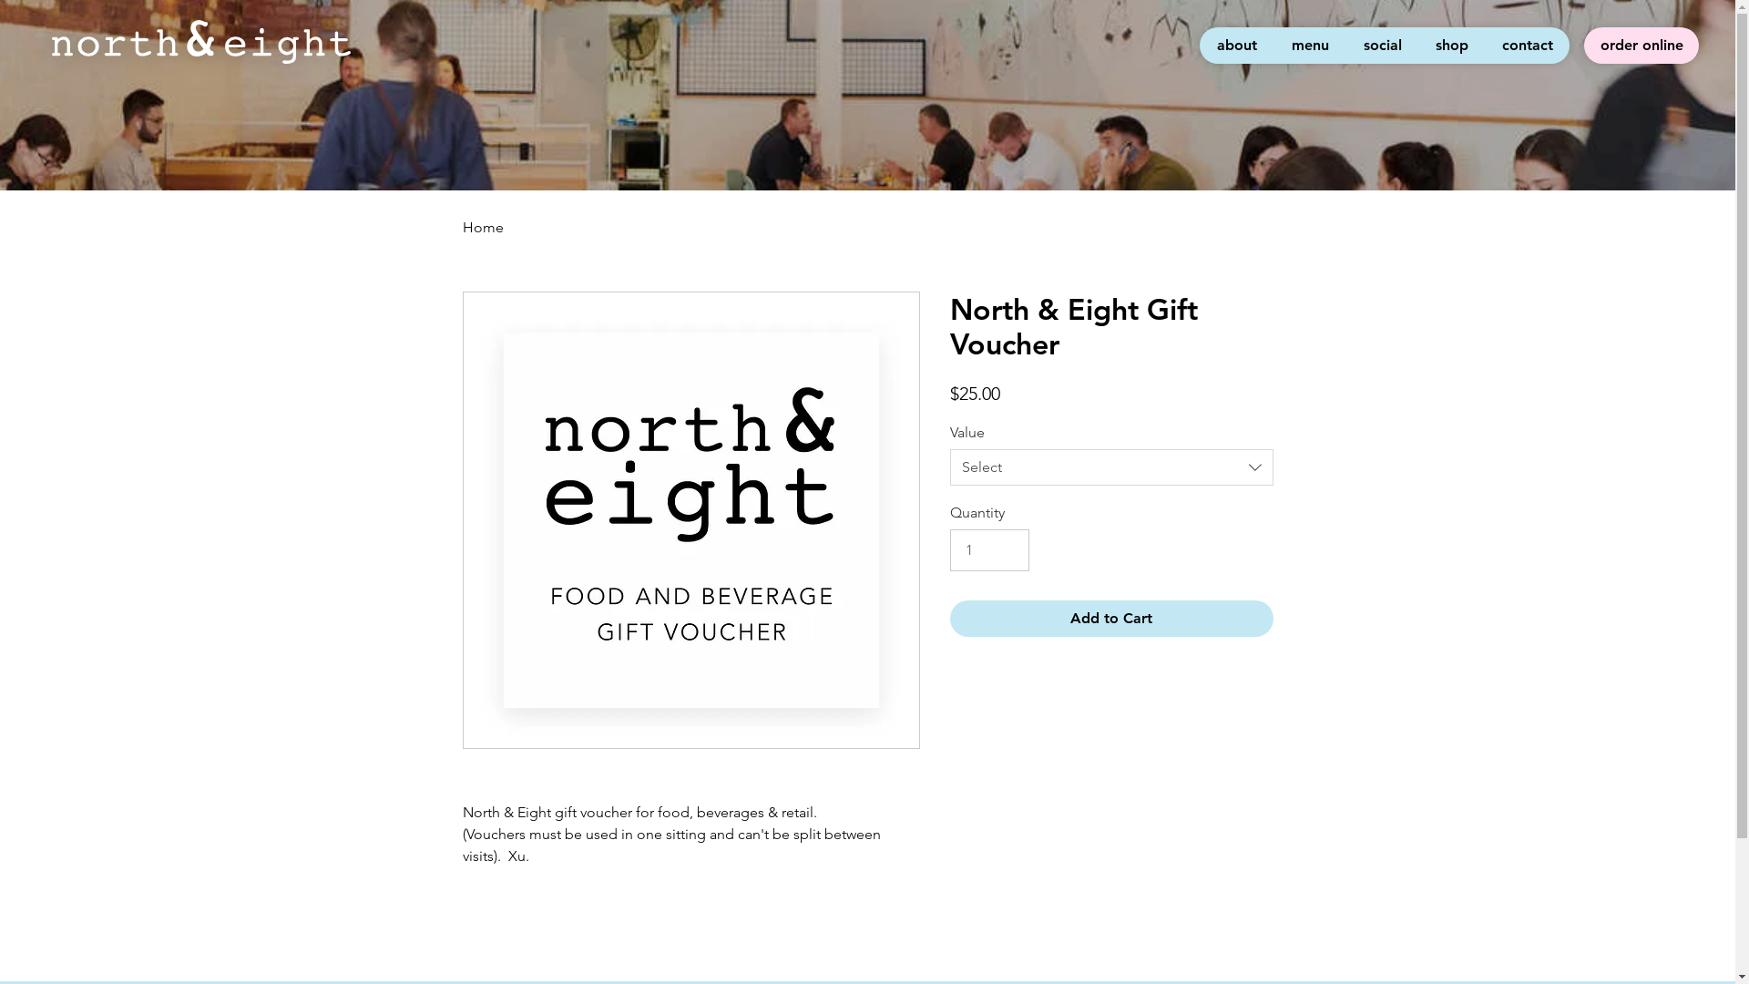 This screenshot has height=984, width=1749. I want to click on 'menu', so click(1308, 45).